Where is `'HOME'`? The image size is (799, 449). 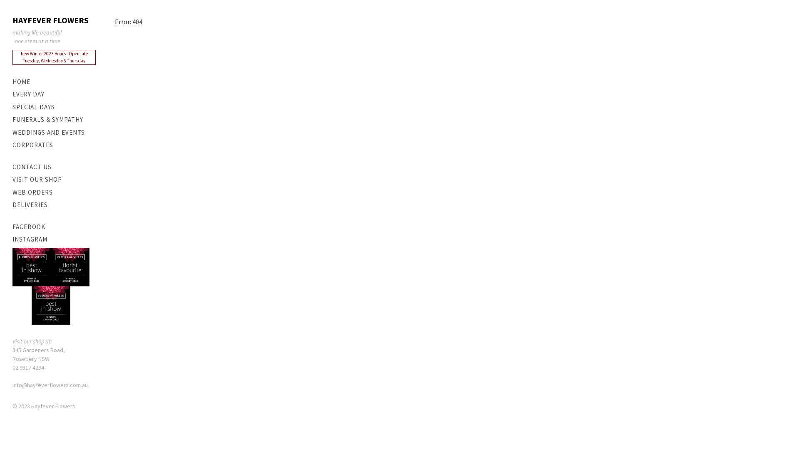 'HOME' is located at coordinates (53, 82).